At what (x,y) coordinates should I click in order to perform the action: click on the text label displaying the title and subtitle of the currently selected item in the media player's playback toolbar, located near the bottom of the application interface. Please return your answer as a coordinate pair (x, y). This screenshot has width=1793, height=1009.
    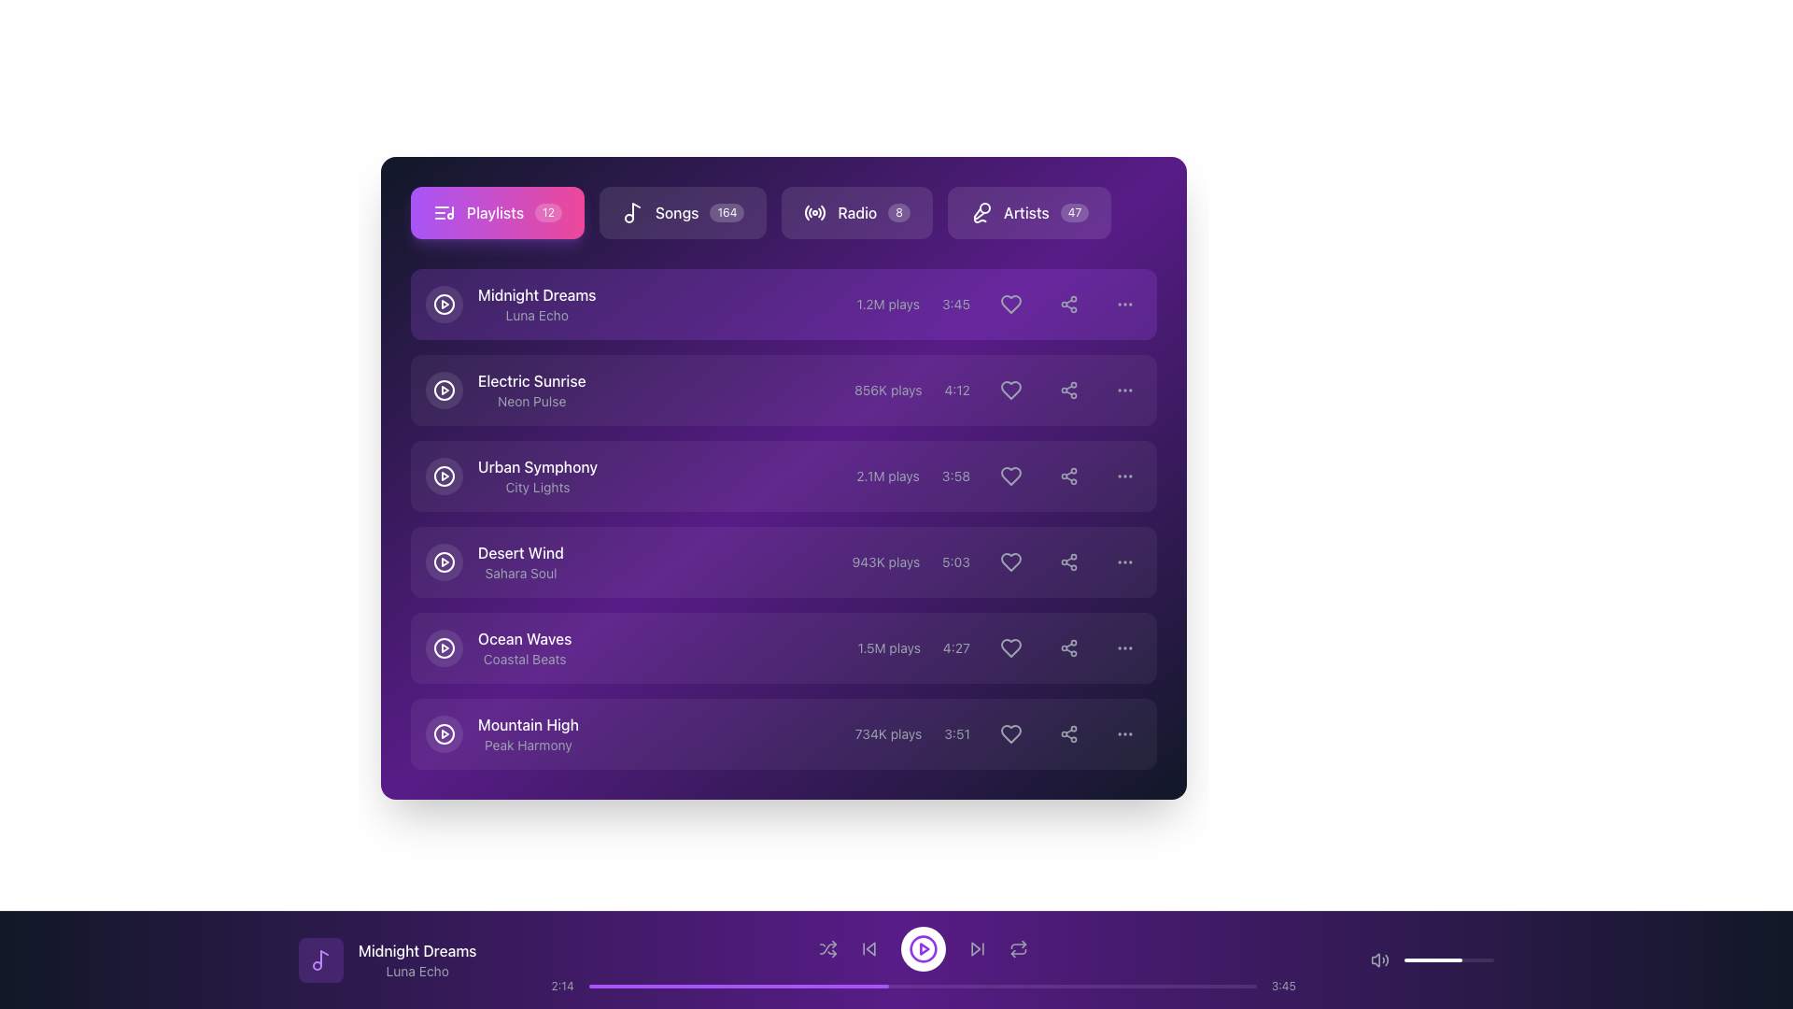
    Looking at the image, I should click on (416, 960).